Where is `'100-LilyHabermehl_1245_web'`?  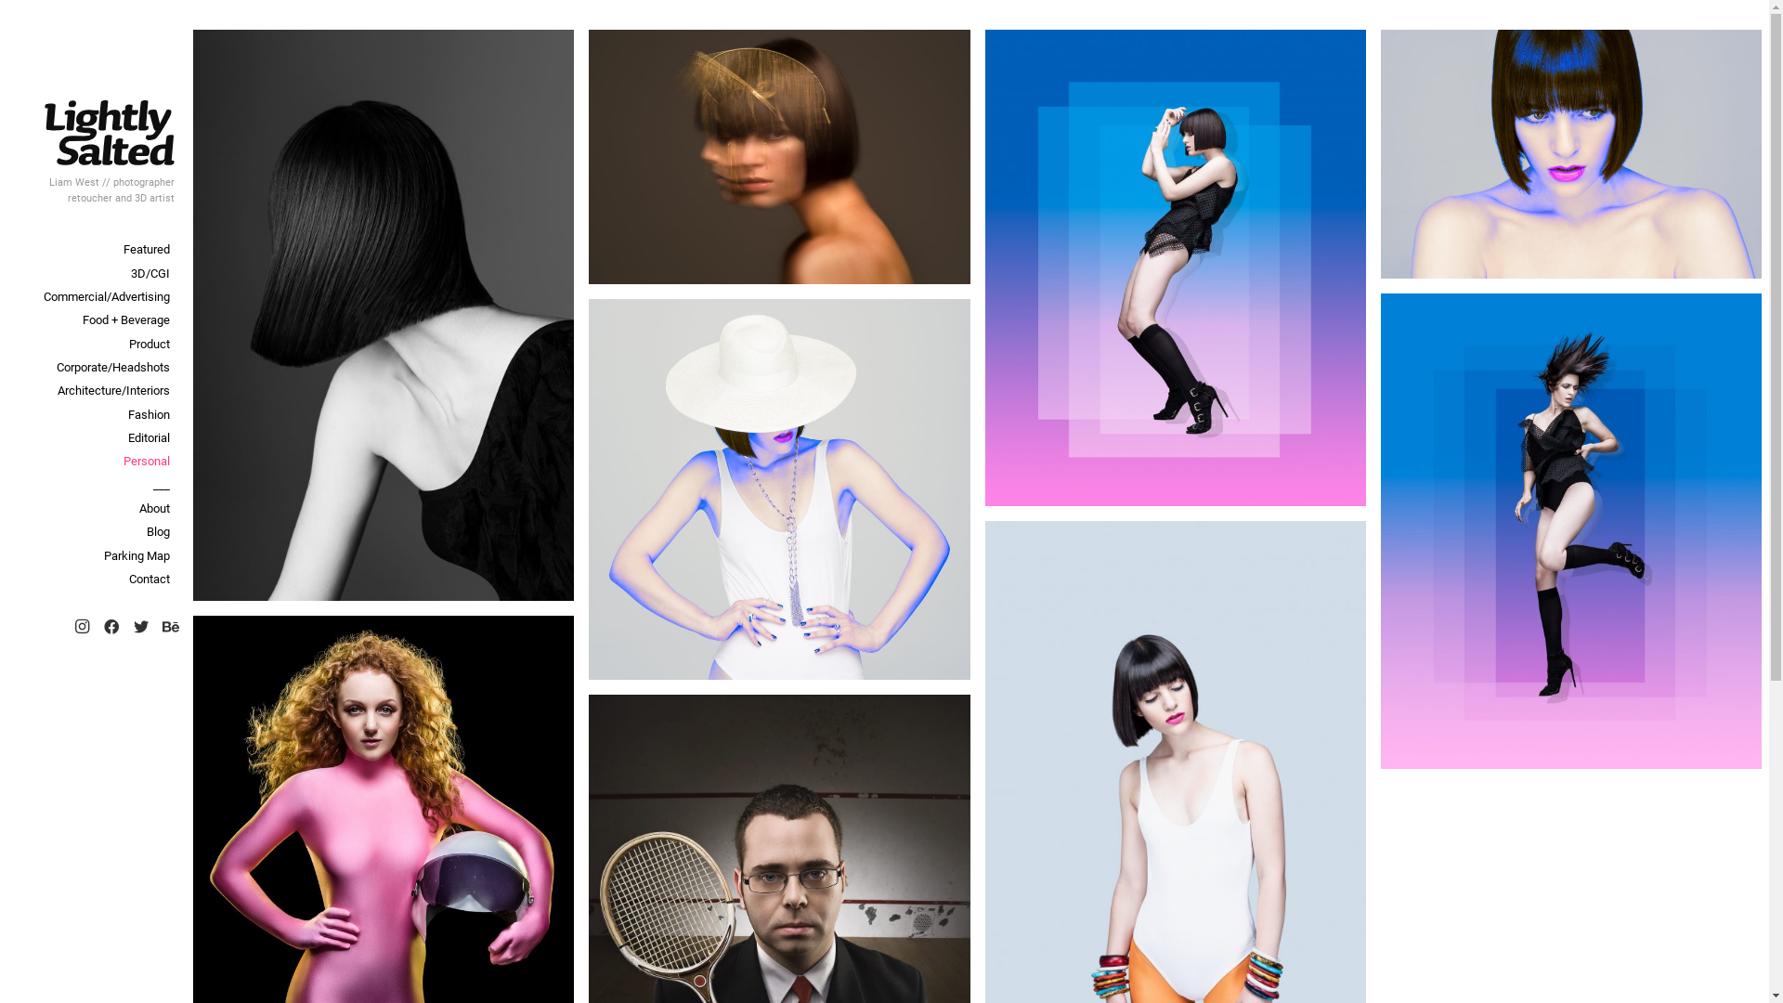 '100-LilyHabermehl_1245_web' is located at coordinates (382, 314).